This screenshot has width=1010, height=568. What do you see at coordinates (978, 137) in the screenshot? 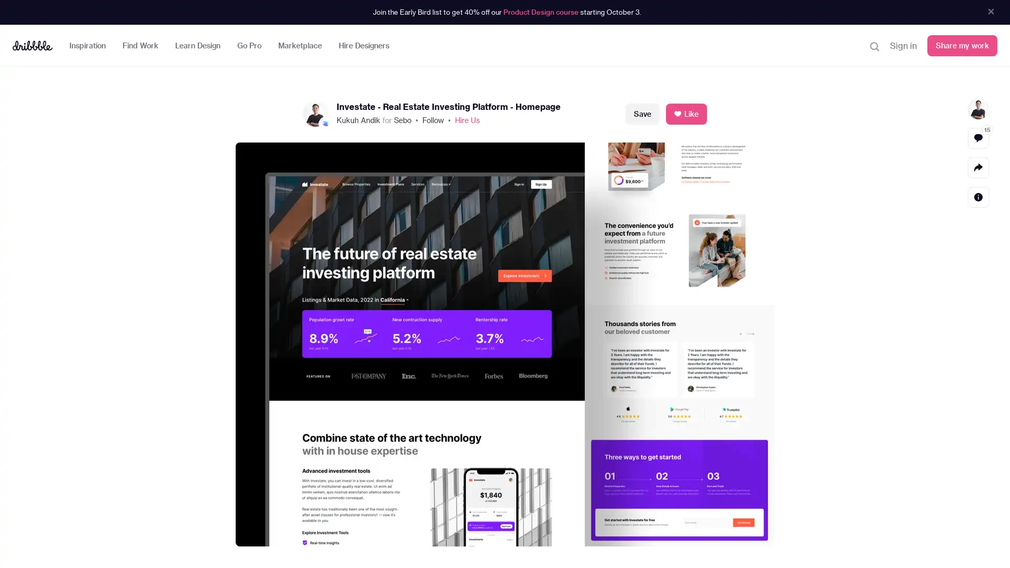
I see `View comments 15` at bounding box center [978, 137].